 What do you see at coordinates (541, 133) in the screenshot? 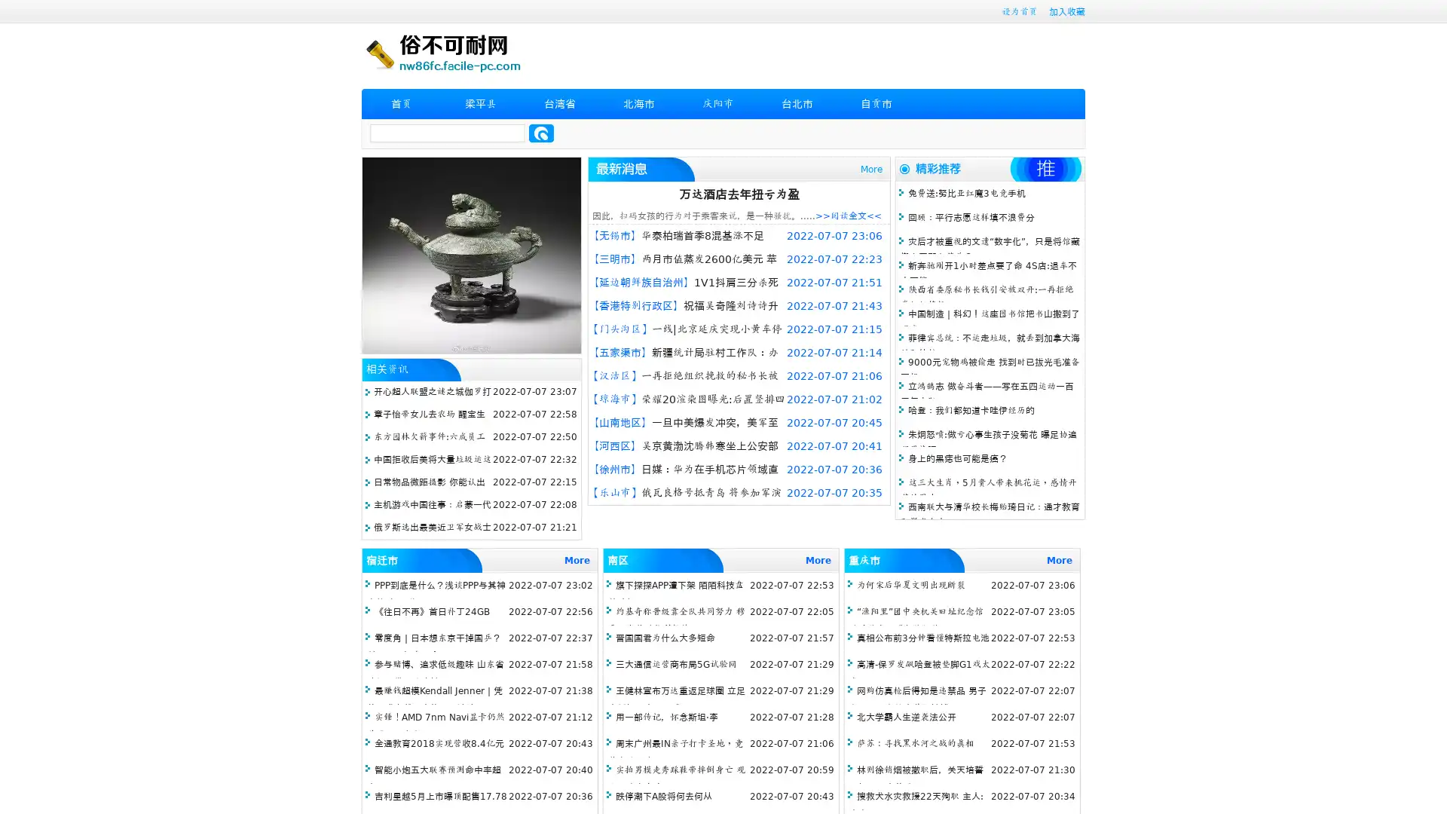
I see `Search` at bounding box center [541, 133].